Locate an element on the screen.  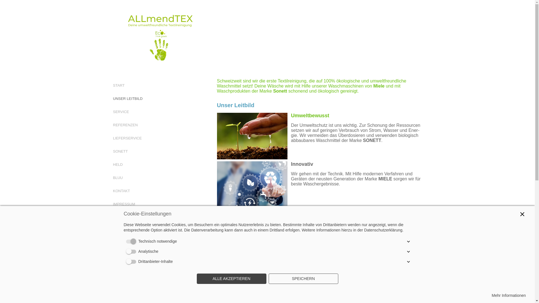
'START' is located at coordinates (118, 85).